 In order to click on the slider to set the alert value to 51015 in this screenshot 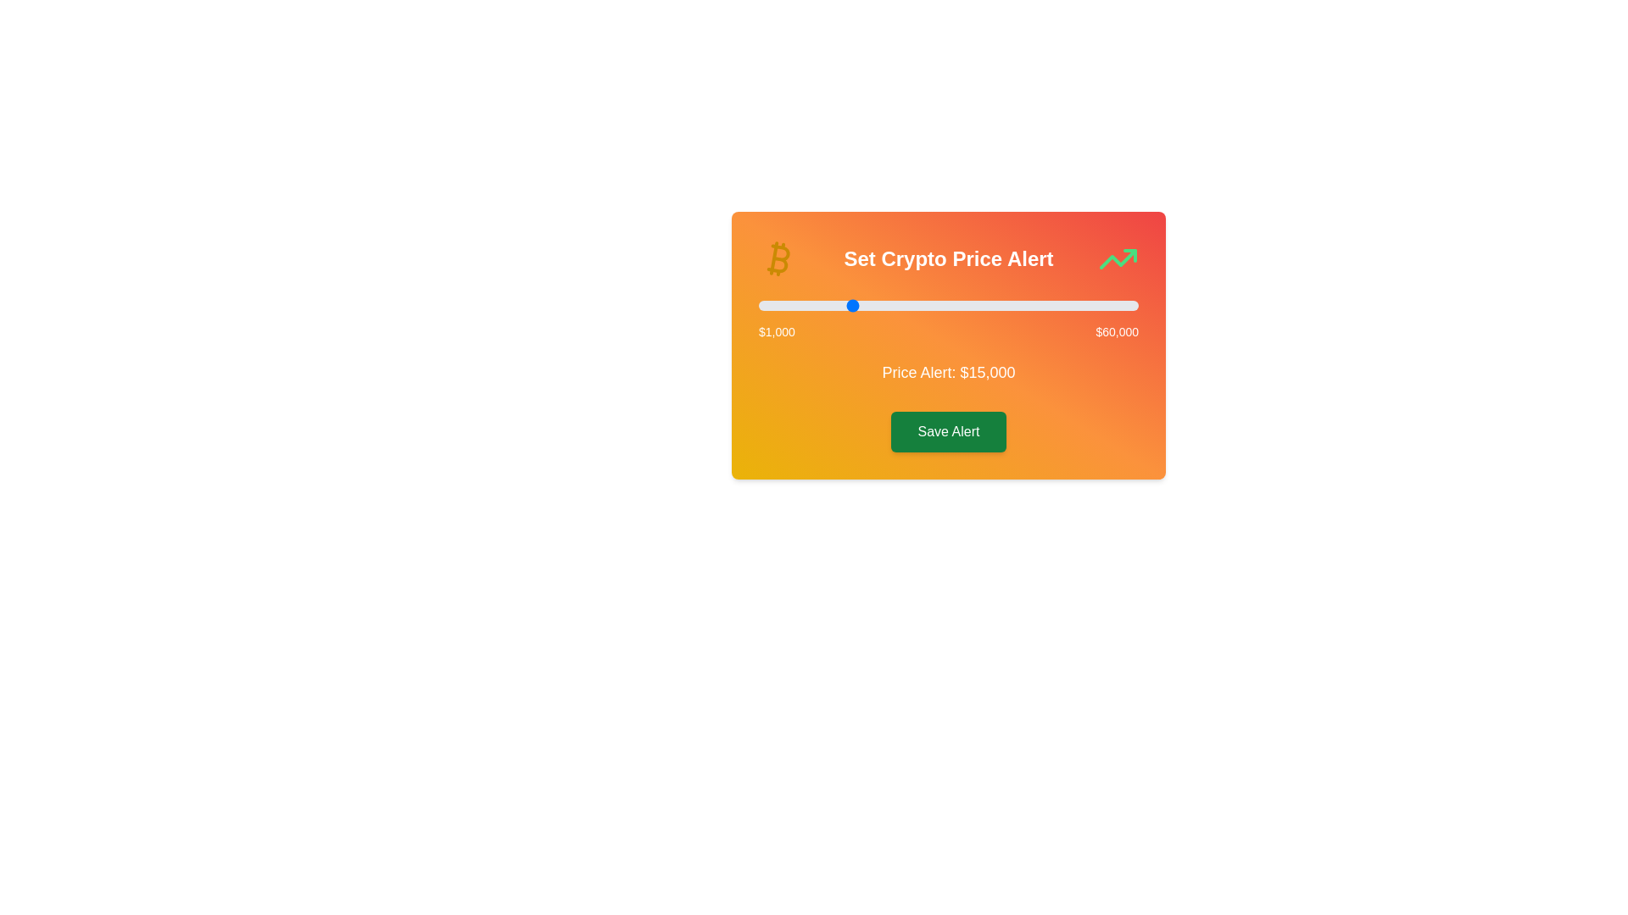, I will do `click(1079, 306)`.